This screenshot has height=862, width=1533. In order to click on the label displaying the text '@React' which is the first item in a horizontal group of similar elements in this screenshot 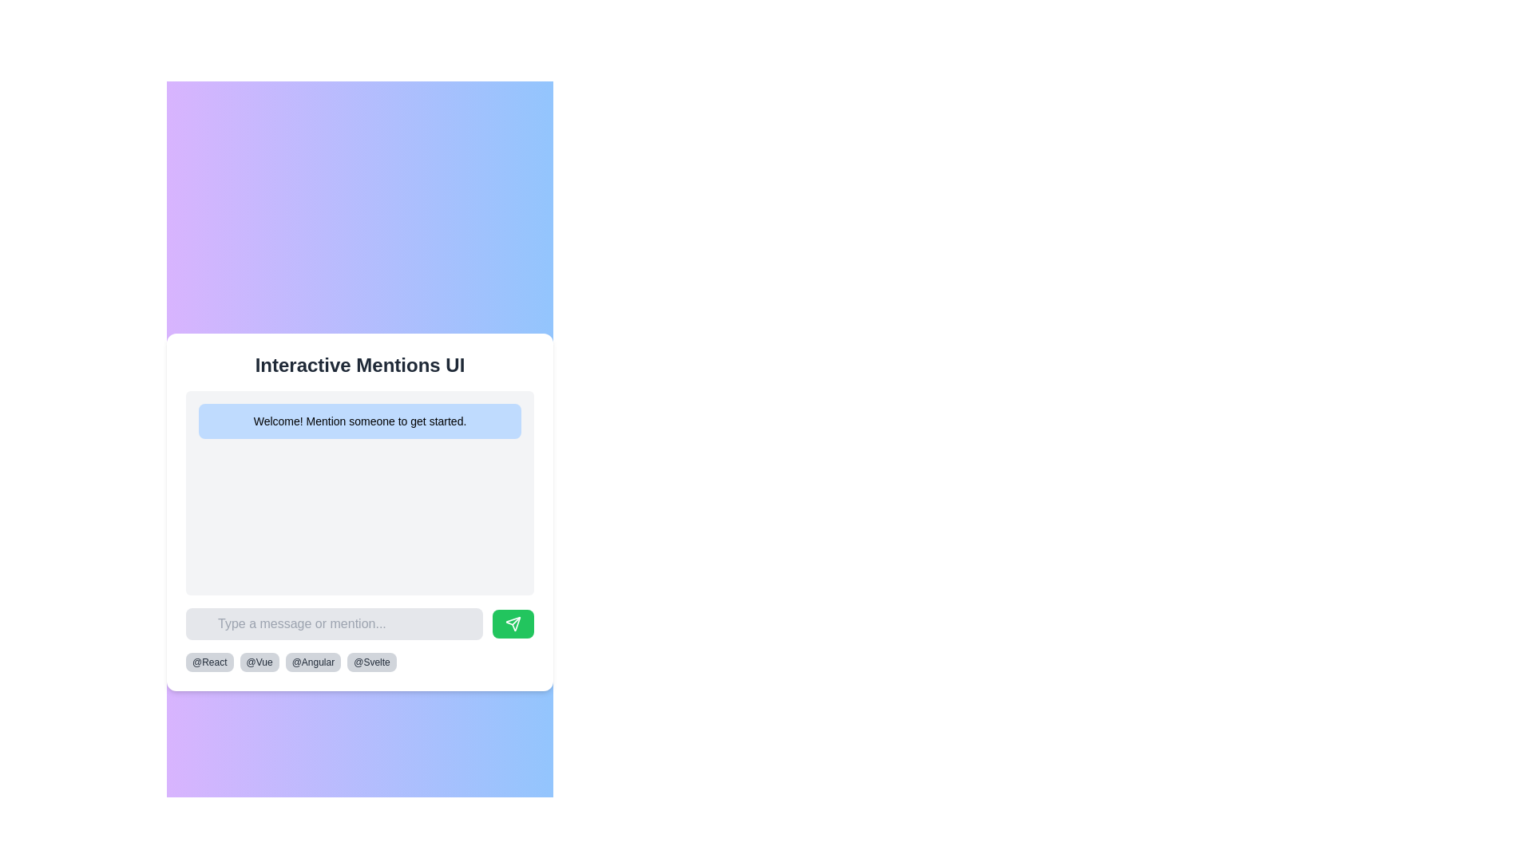, I will do `click(208, 662)`.